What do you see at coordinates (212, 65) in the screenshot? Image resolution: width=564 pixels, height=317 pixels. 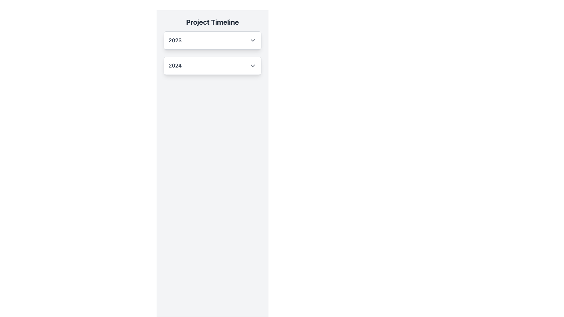 I see `the dropdown option for the year '2024' located directly below the '2023' option` at bounding box center [212, 65].